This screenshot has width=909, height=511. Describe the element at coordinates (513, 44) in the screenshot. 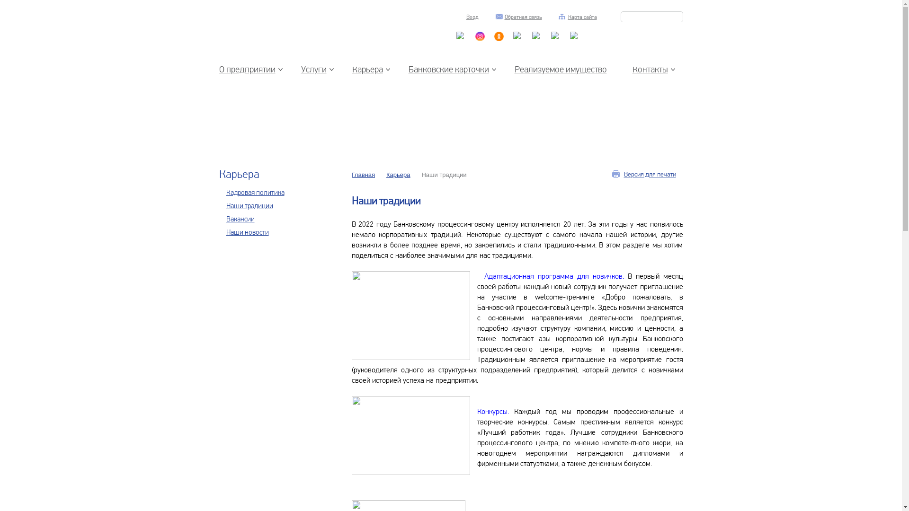

I see `'Facebook'` at that location.